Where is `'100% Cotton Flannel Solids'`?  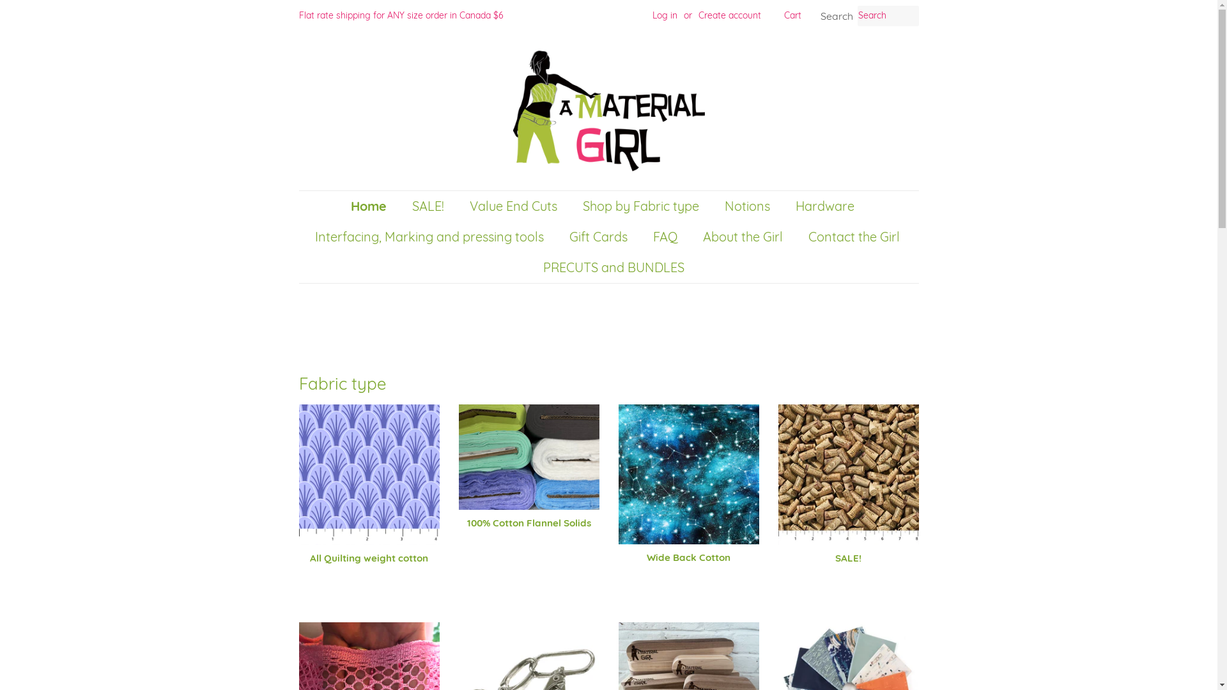
'100% Cotton Flannel Solids' is located at coordinates (529, 478).